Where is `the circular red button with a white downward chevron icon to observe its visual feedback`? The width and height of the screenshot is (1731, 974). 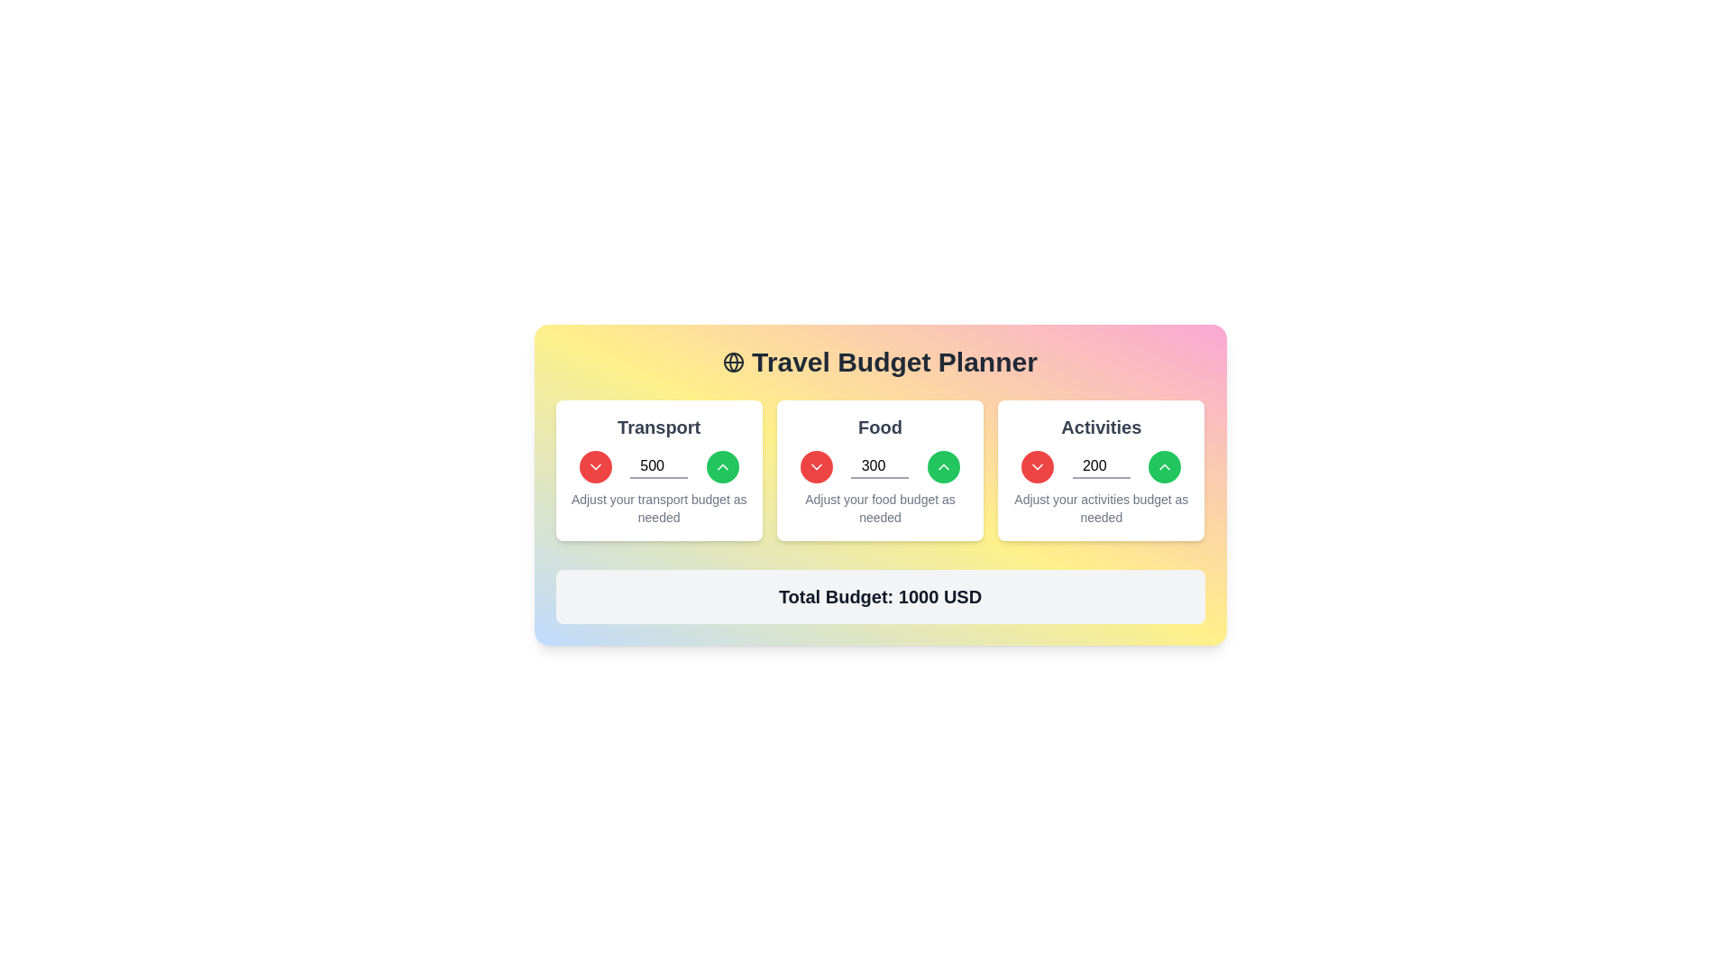 the circular red button with a white downward chevron icon to observe its visual feedback is located at coordinates (595, 465).